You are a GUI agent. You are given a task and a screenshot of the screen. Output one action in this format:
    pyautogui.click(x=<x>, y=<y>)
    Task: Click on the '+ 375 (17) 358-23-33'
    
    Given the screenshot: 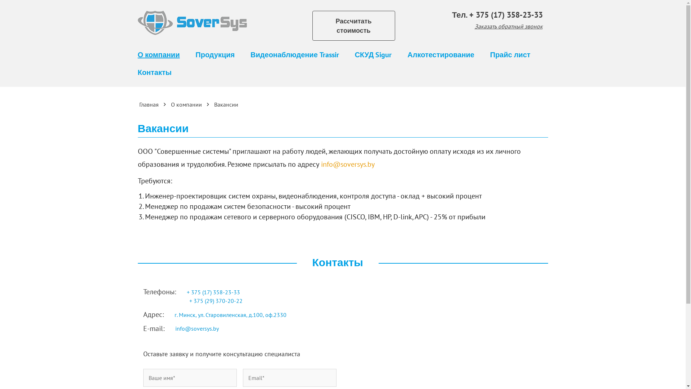 What is the action you would take?
    pyautogui.click(x=506, y=15)
    